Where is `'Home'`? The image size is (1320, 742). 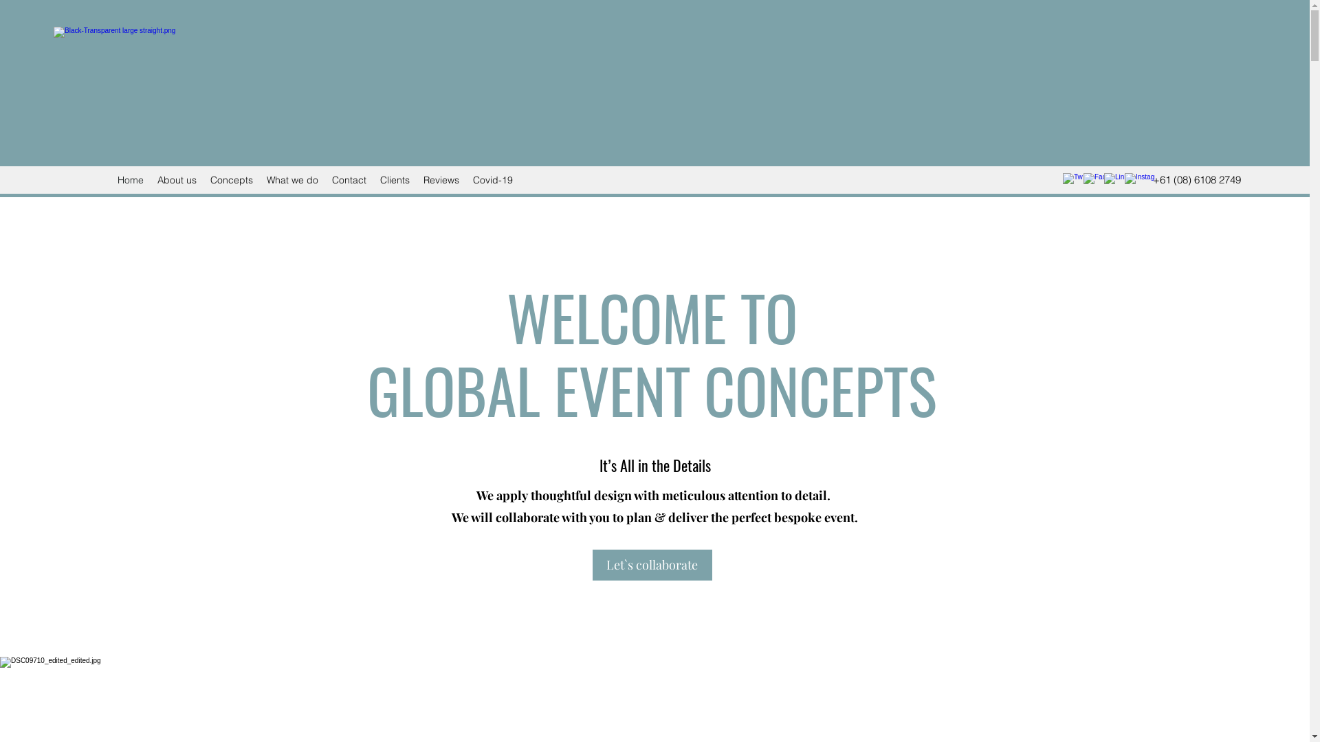 'Home' is located at coordinates (131, 179).